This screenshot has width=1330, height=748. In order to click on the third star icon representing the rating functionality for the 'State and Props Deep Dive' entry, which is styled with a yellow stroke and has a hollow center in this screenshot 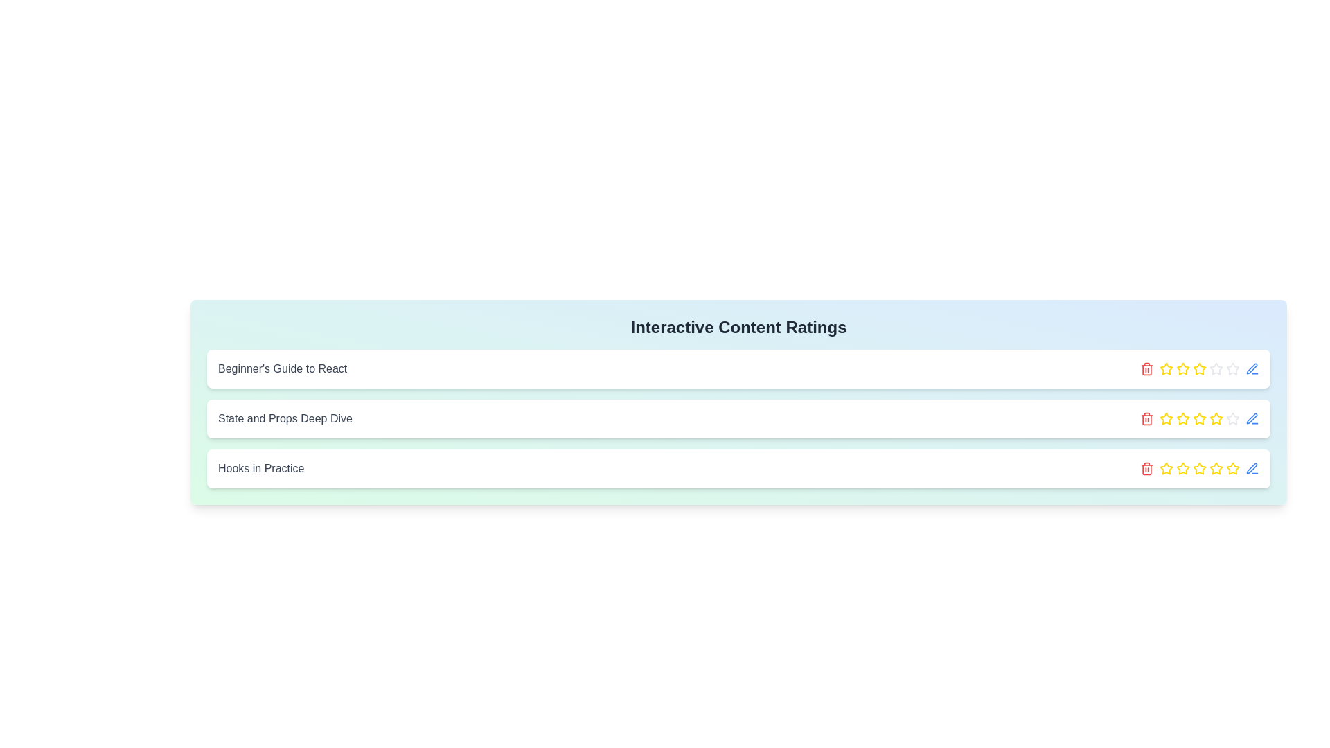, I will do `click(1182, 418)`.